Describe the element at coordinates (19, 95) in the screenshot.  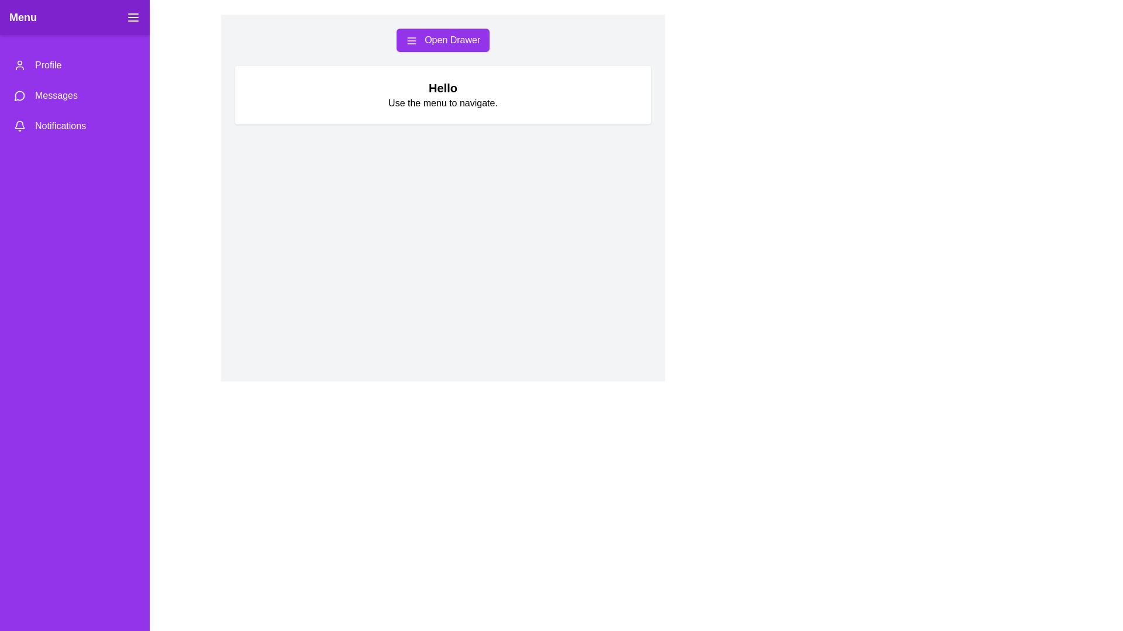
I see `the 'Messages' icon in the left sidebar navigation menu` at that location.